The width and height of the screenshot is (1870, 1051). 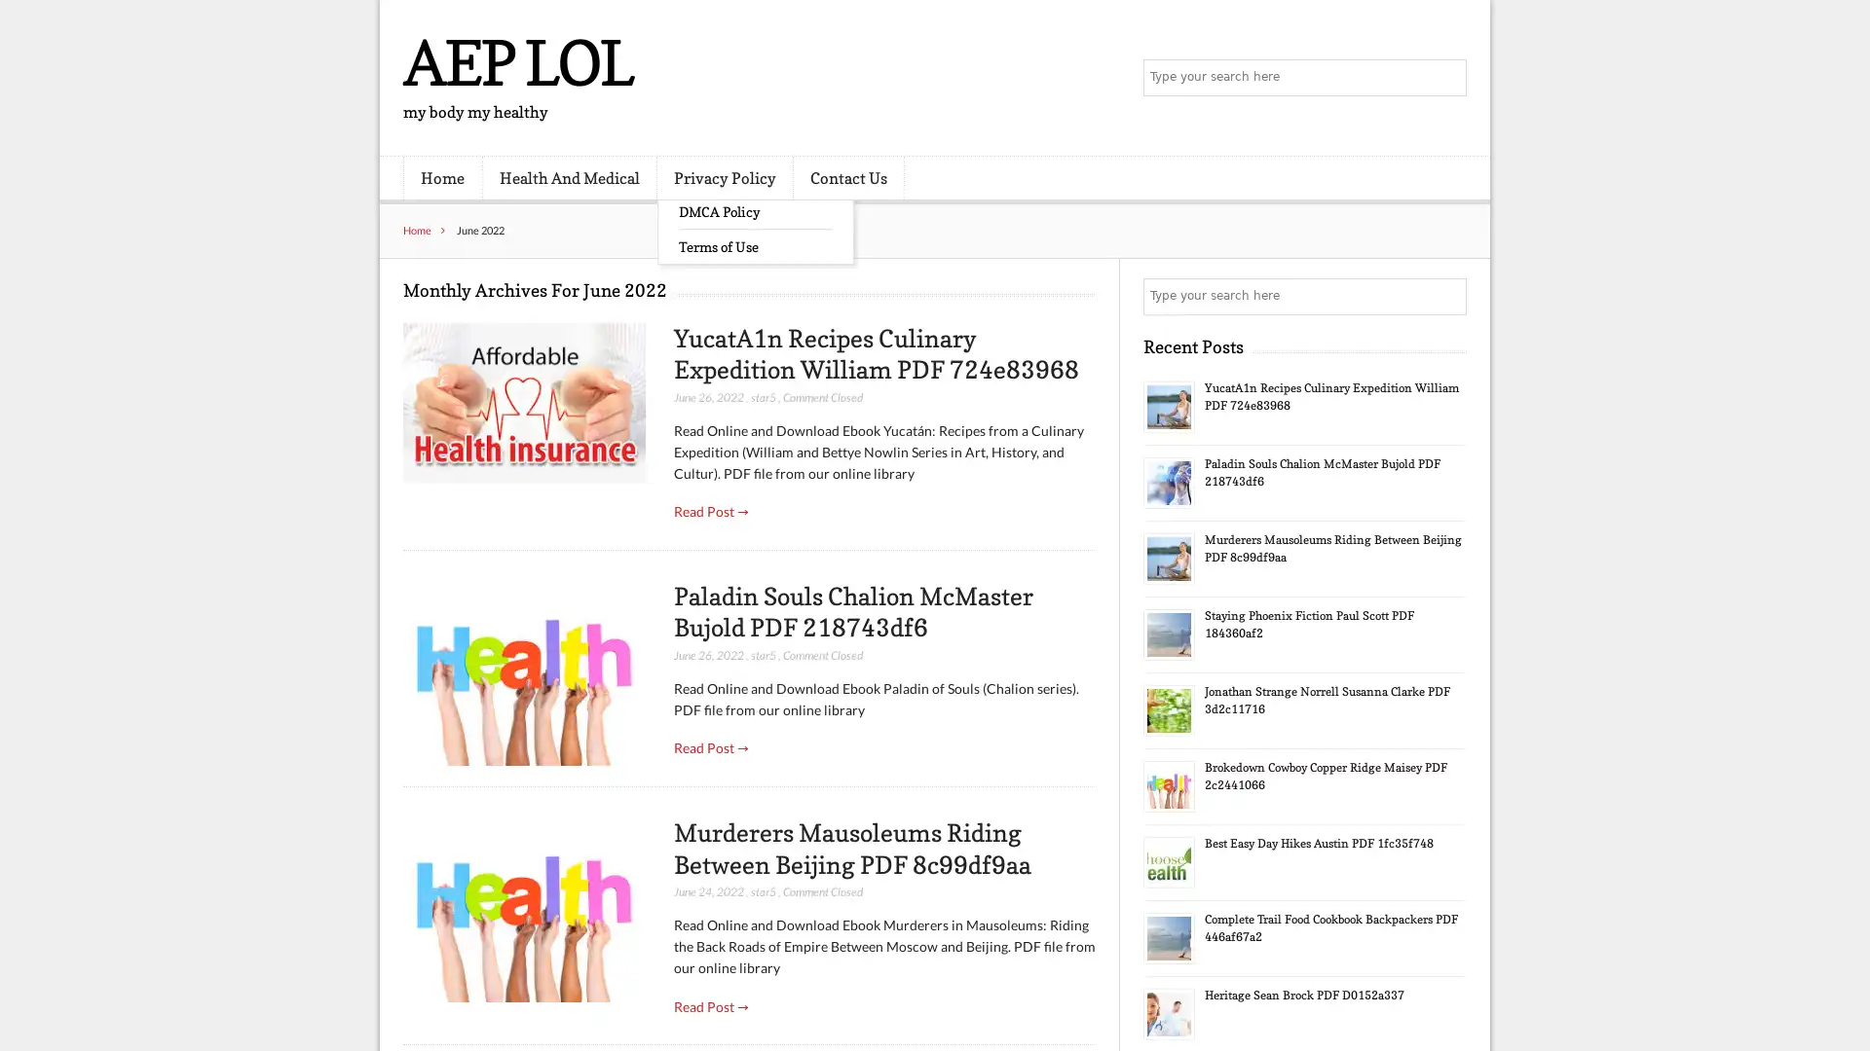 What do you see at coordinates (1446, 296) in the screenshot?
I see `Search` at bounding box center [1446, 296].